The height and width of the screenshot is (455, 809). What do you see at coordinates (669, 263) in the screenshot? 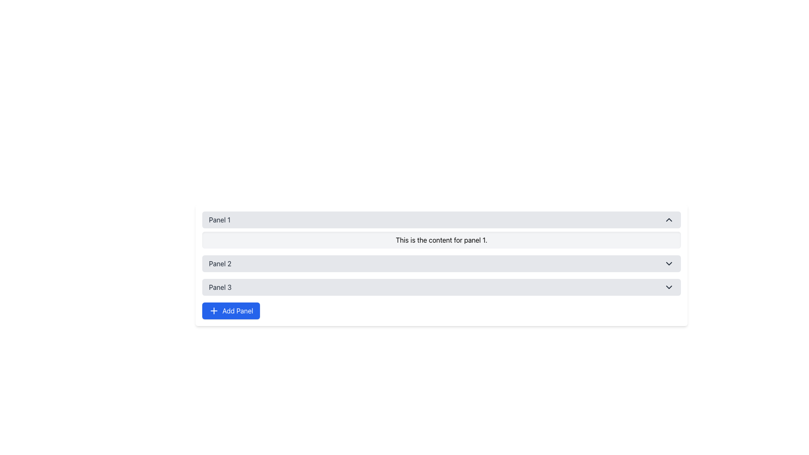
I see `the downward-pointing chevron icon located at the right end of the 'Panel 2' header` at bounding box center [669, 263].